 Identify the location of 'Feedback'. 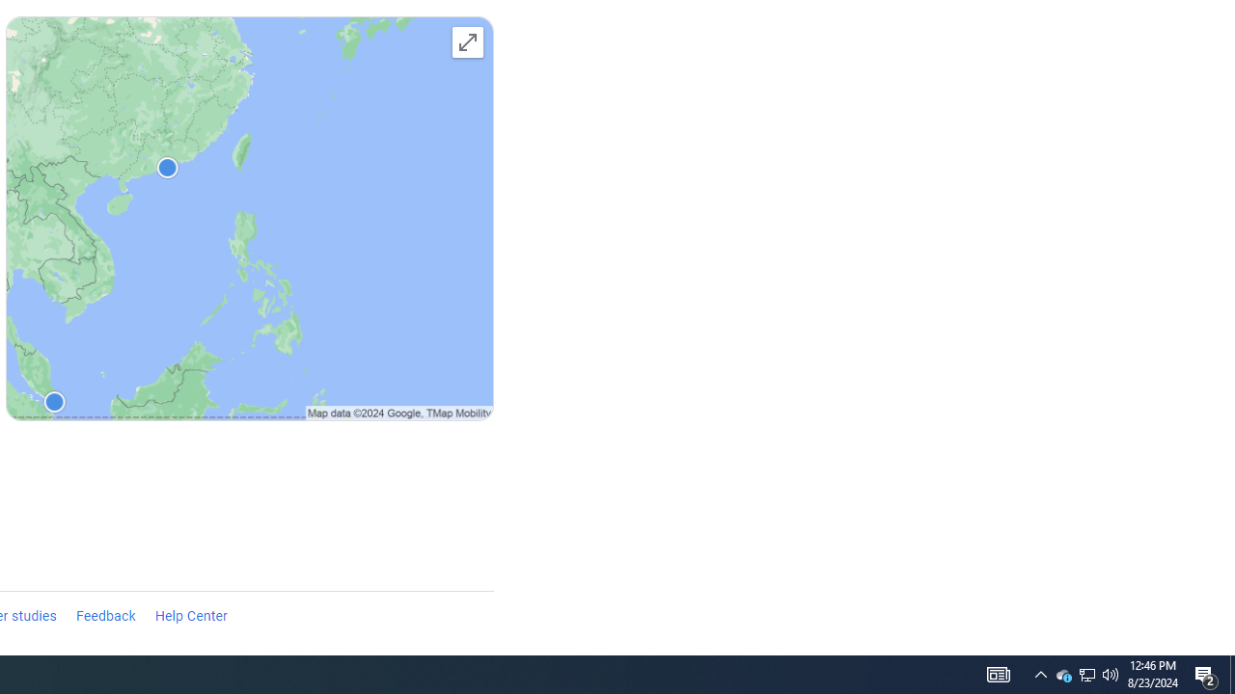
(104, 617).